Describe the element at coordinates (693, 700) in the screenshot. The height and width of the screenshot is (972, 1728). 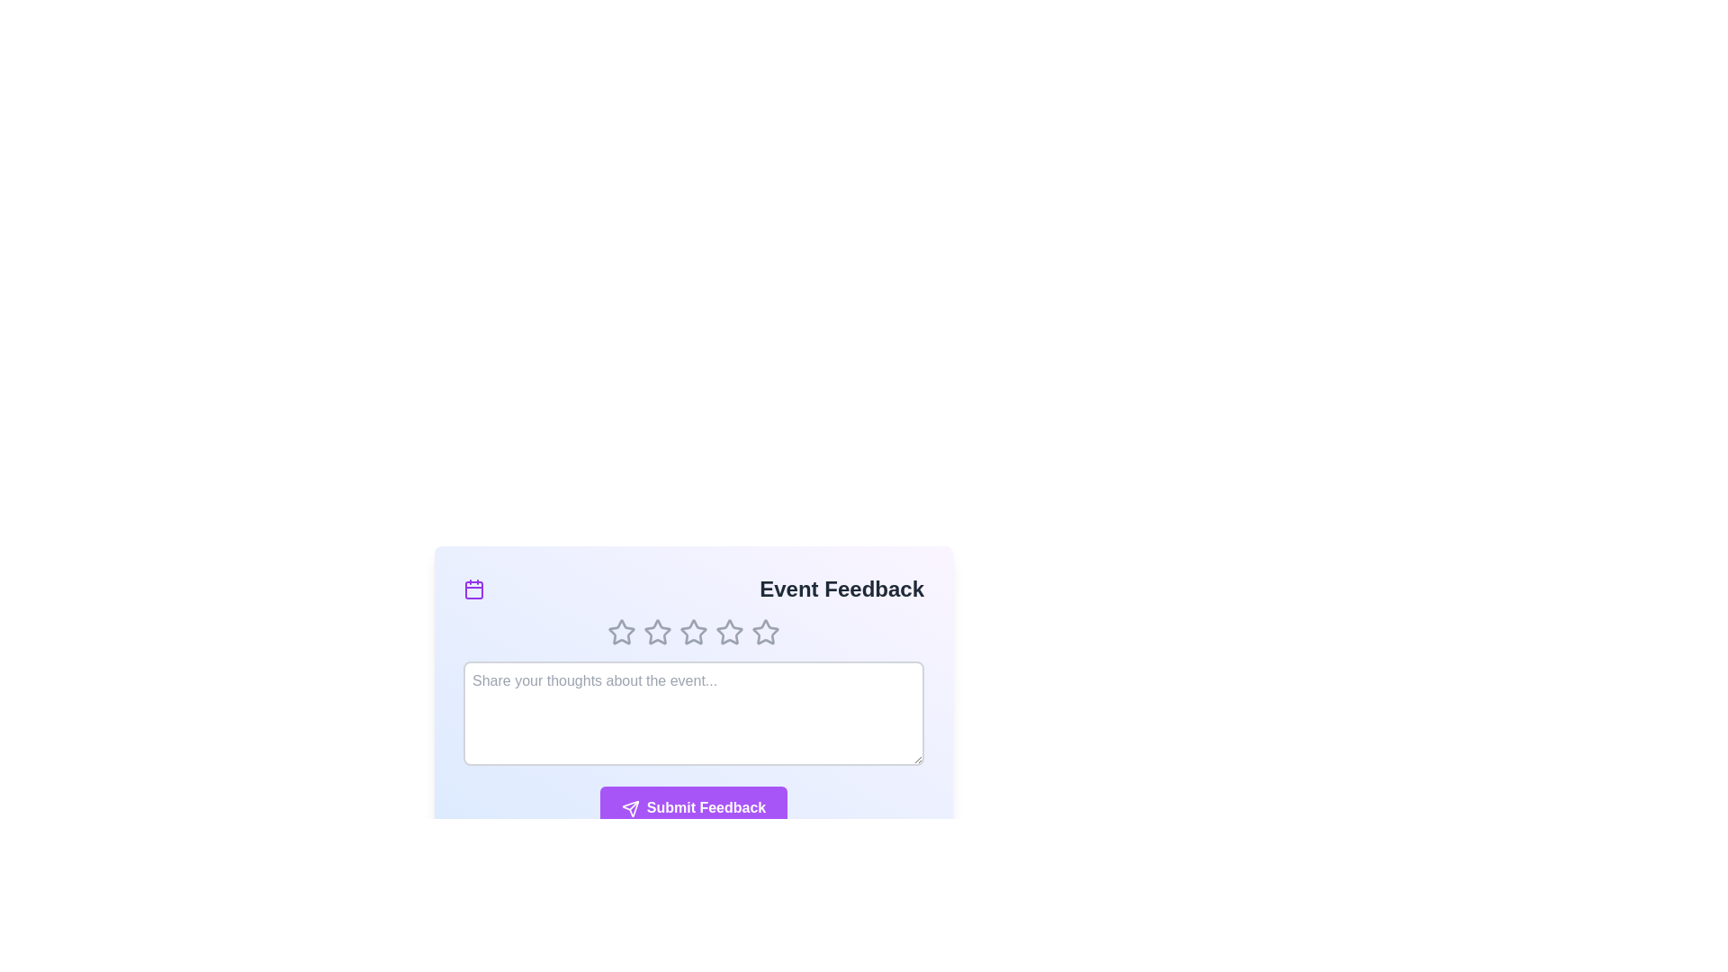
I see `the text input field located centrally below the star icons and above the 'Submit Feedback' button to start typing` at that location.